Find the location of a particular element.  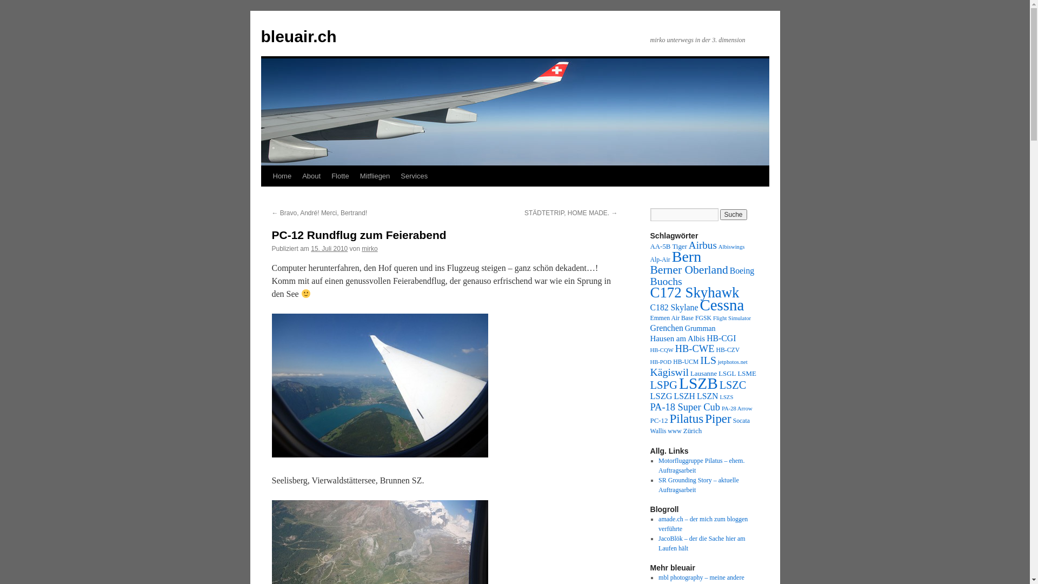

'HB-CQW' is located at coordinates (661, 350).